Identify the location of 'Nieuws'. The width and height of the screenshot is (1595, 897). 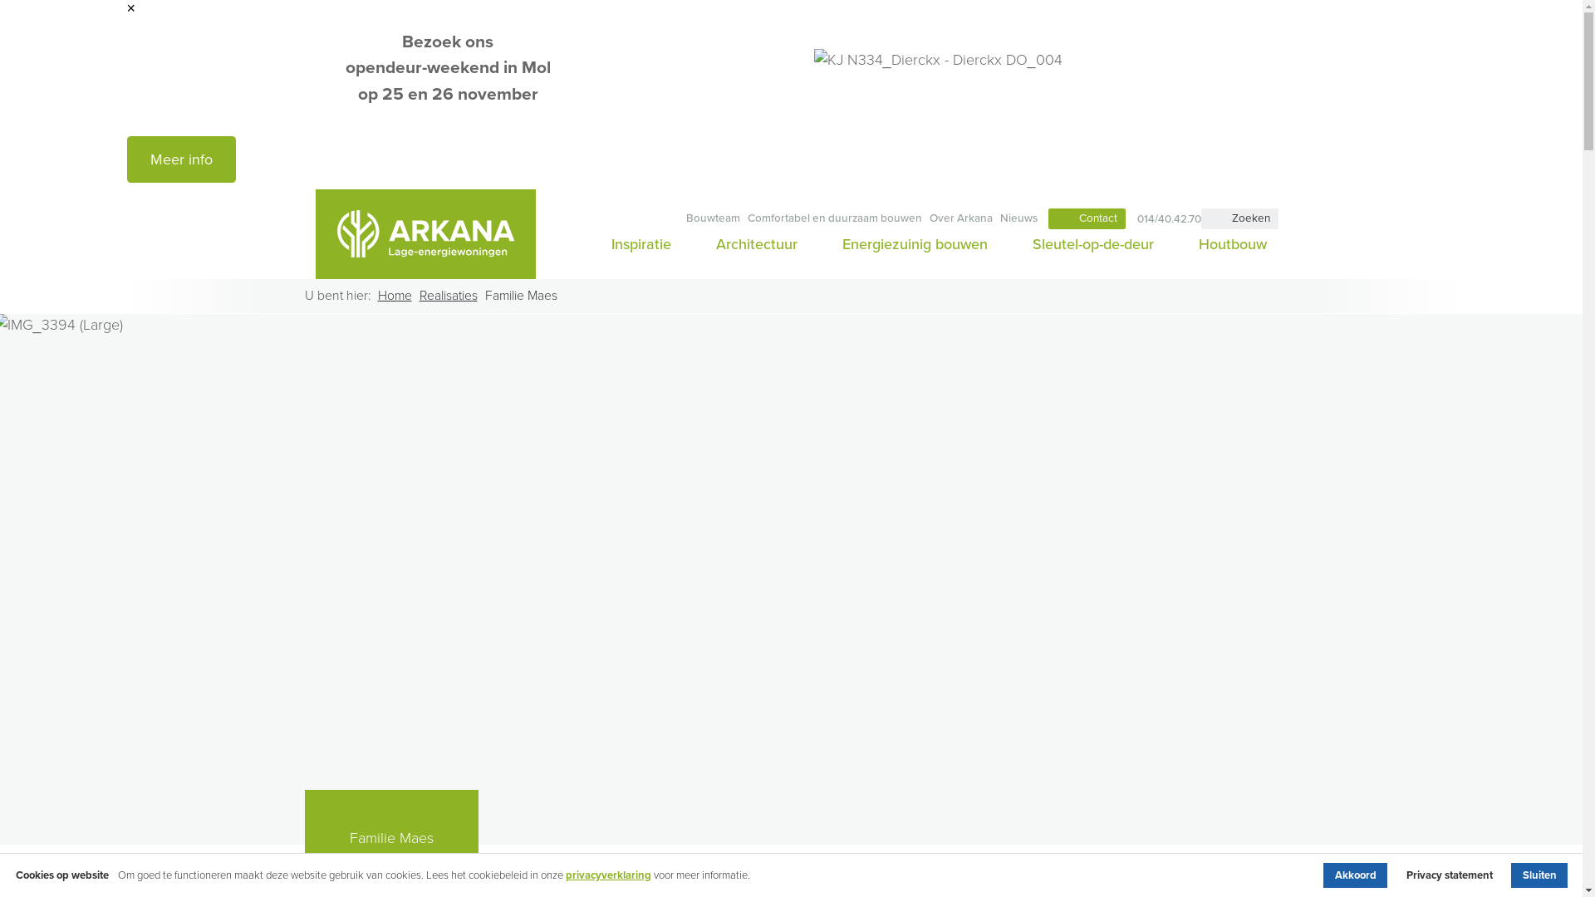
(1017, 218).